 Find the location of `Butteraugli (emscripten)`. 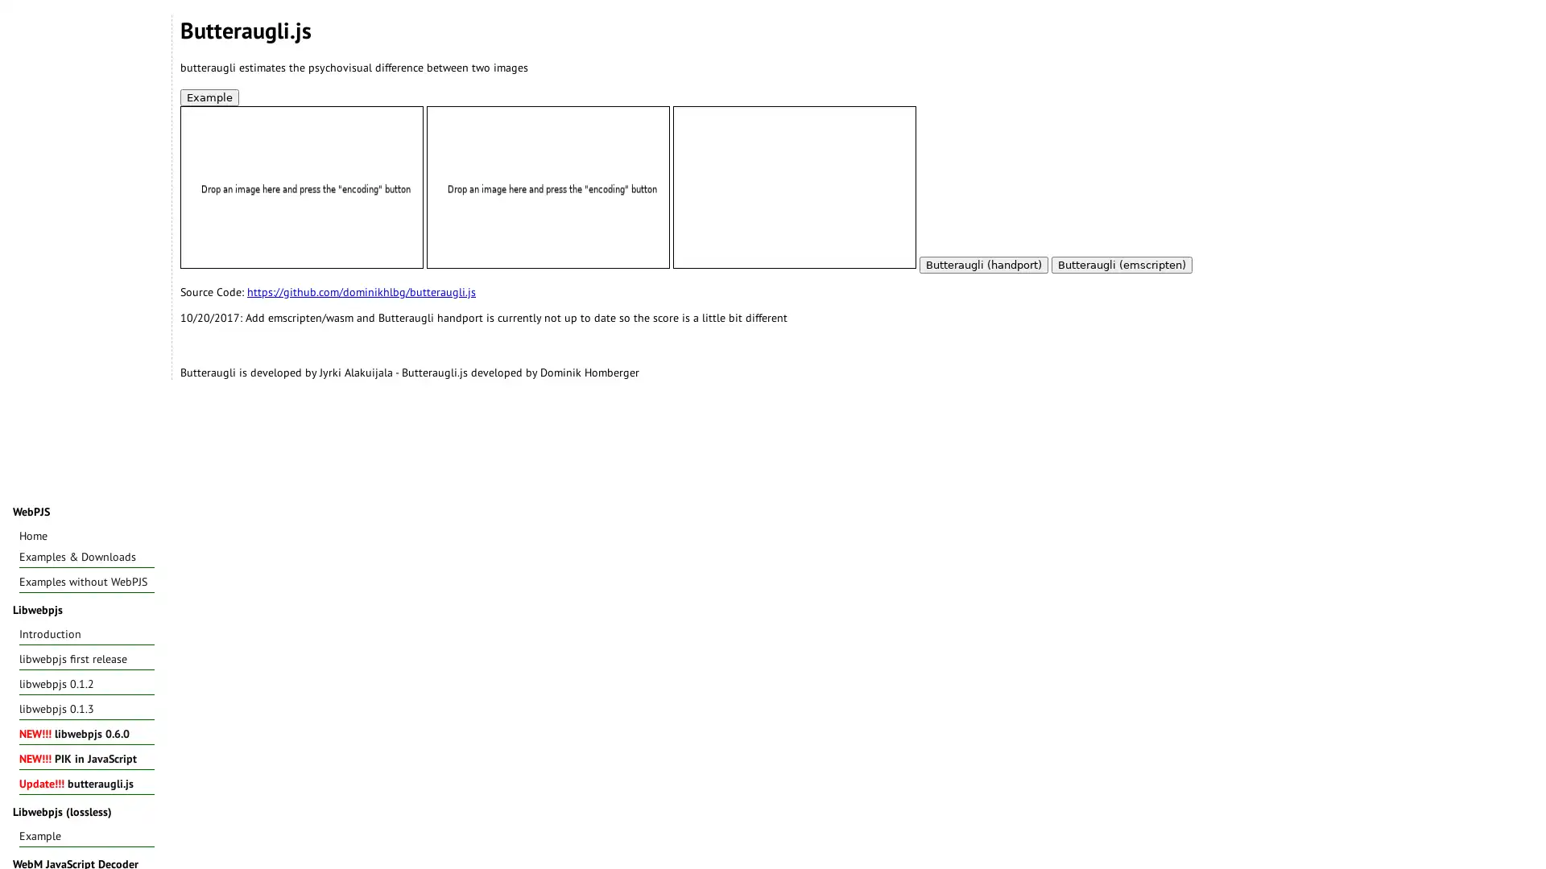

Butteraugli (emscripten) is located at coordinates (1121, 263).